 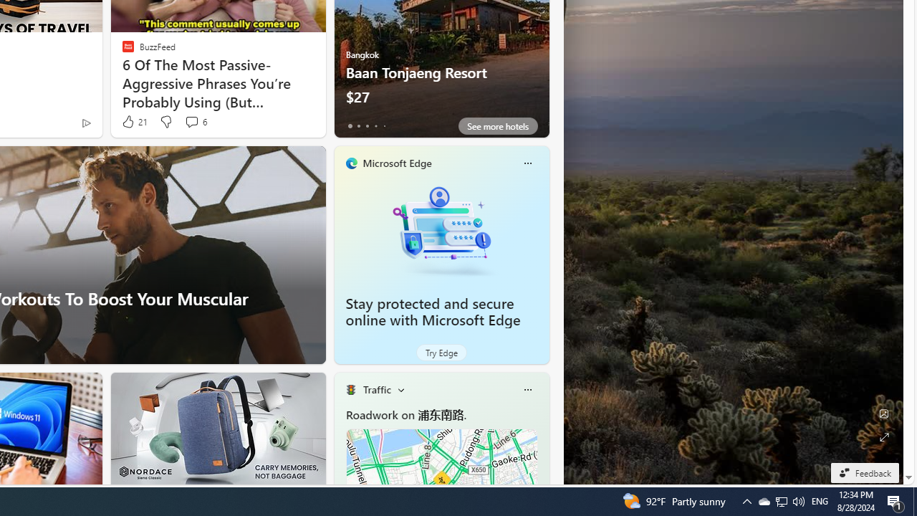 I want to click on 'tab-2', so click(x=367, y=125).